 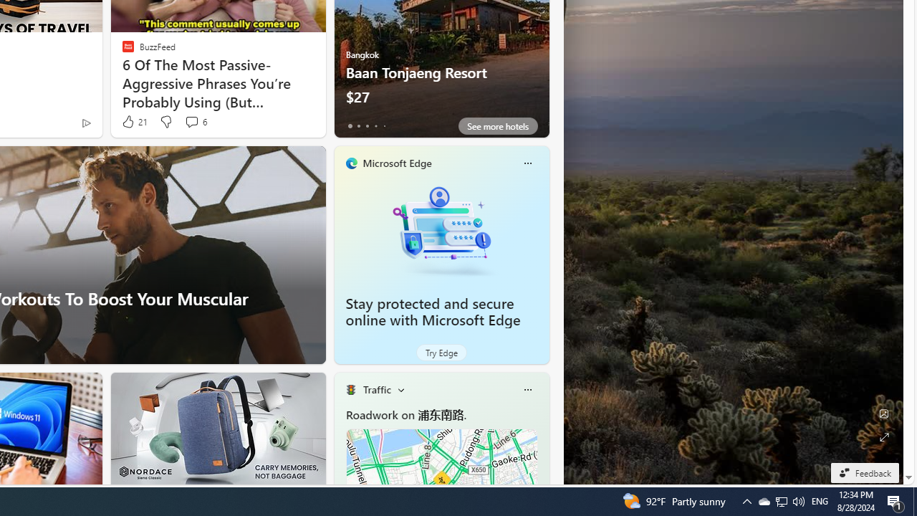 I want to click on 'tab-2', so click(x=367, y=125).